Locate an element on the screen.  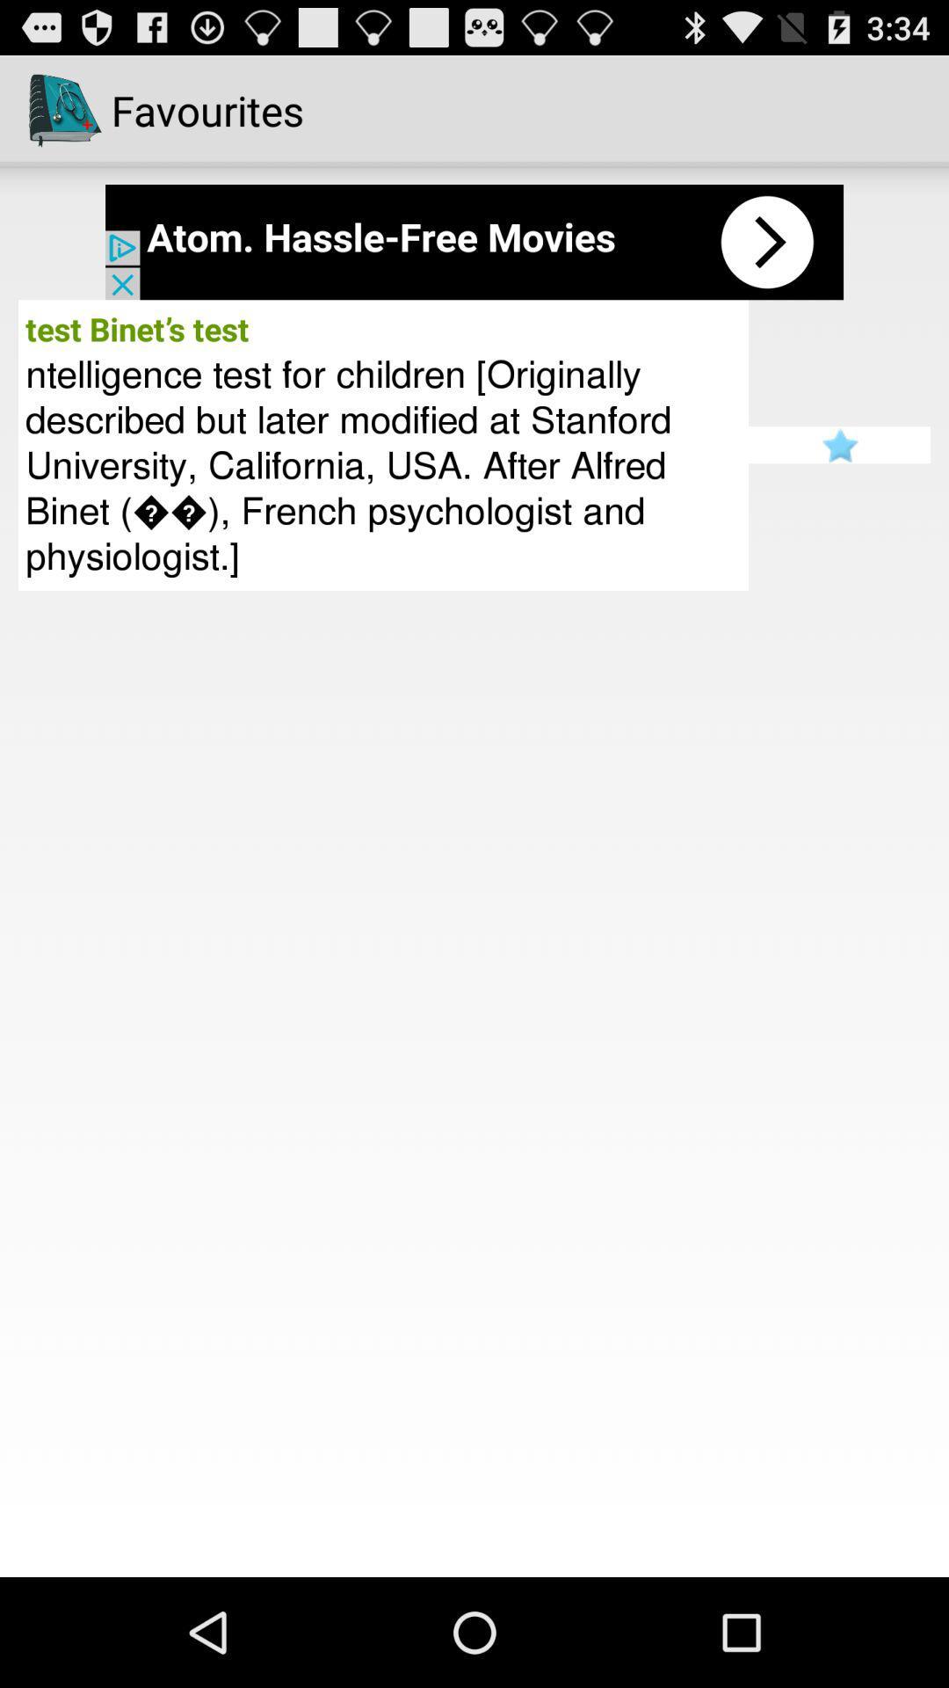
open advertisement is located at coordinates (474, 241).